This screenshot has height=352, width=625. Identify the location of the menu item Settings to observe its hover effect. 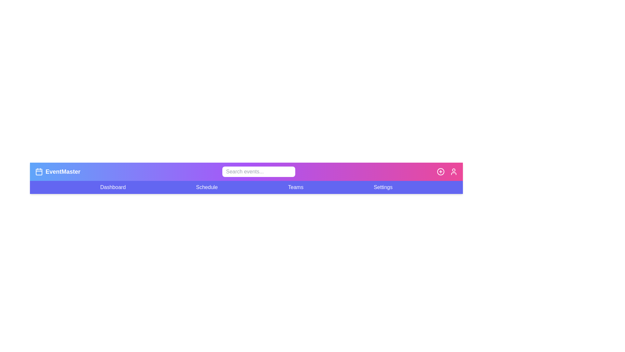
(383, 187).